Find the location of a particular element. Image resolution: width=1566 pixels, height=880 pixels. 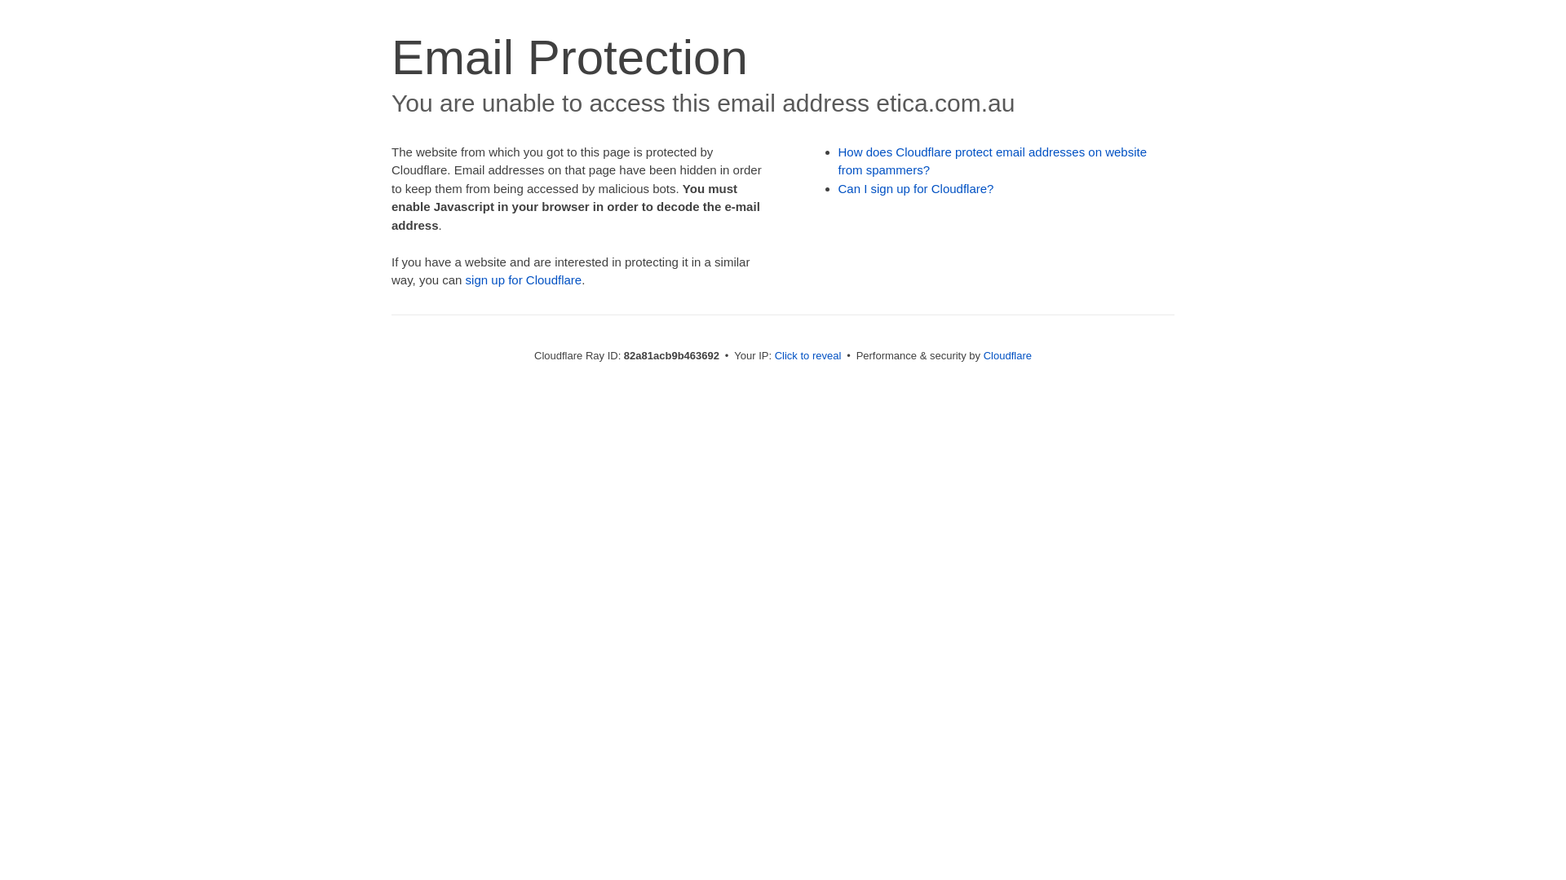

'sign up for Cloudflare' is located at coordinates (524, 279).